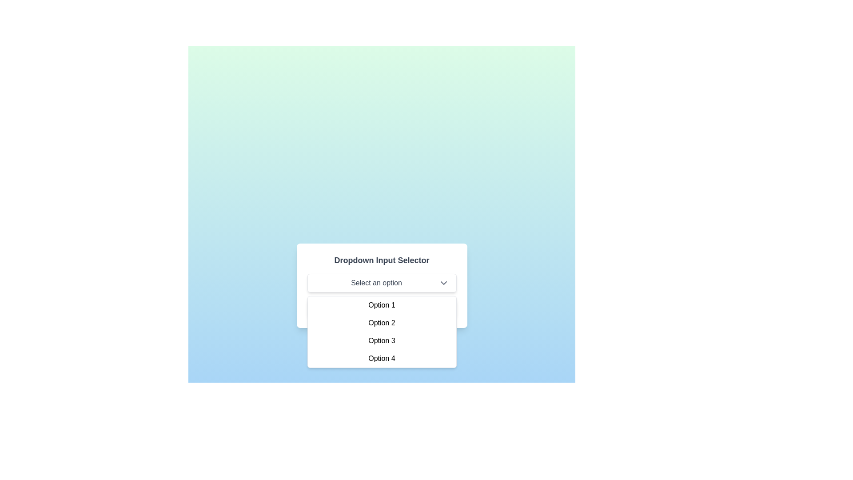 The image size is (853, 480). What do you see at coordinates (382, 323) in the screenshot?
I see `the 'Option 2' dropdown item which has a white background and is the second option in the dropdown menu` at bounding box center [382, 323].